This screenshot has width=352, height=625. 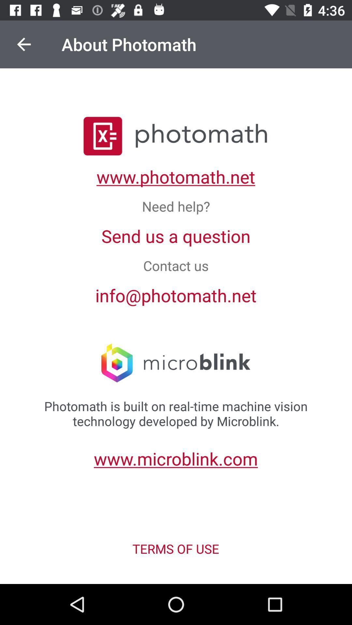 I want to click on the link above terms of use, so click(x=176, y=458).